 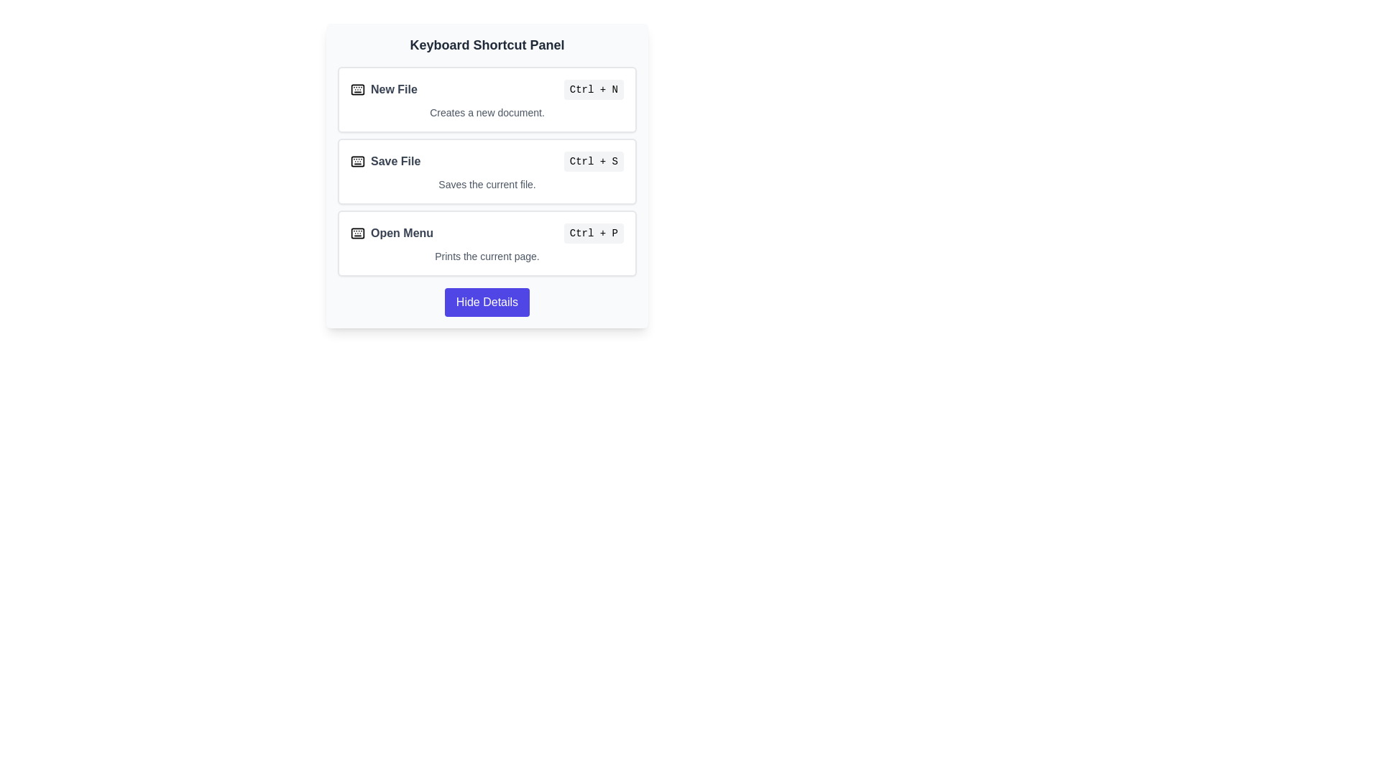 I want to click on the keyboard shortcut icon located next to the 'Save File' text, which is the first item in the vertical list of keyboard shortcut options, so click(x=358, y=161).